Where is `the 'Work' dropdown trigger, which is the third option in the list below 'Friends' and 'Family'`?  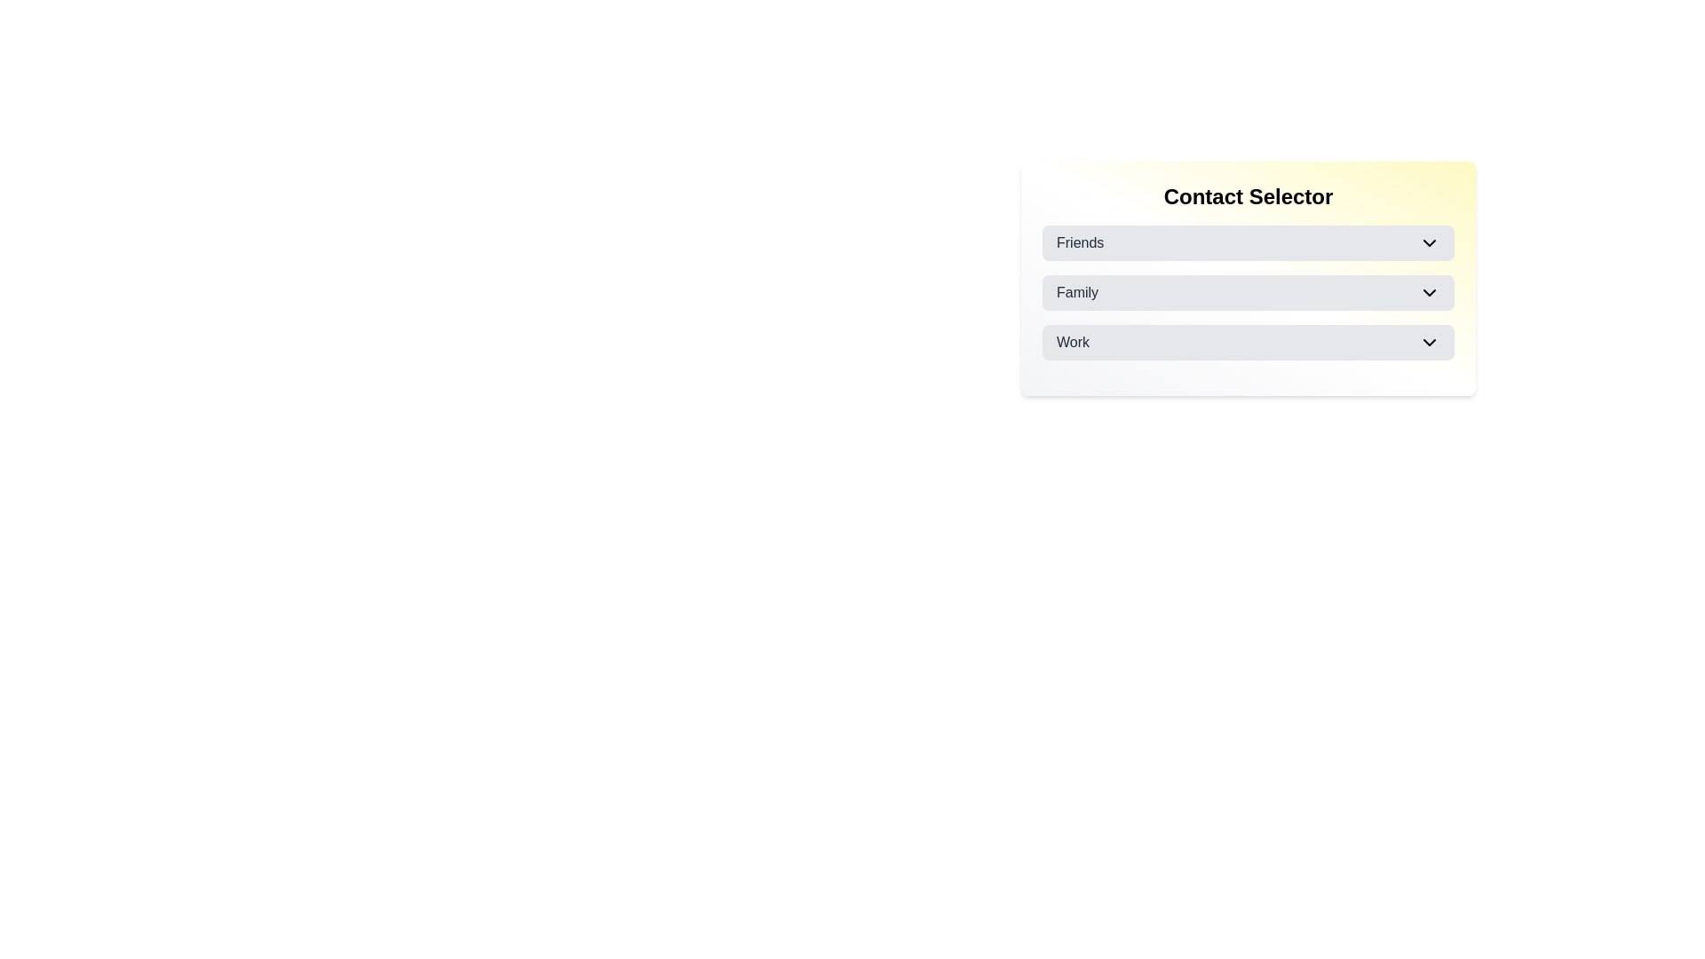
the 'Work' dropdown trigger, which is the third option in the list below 'Friends' and 'Family' is located at coordinates (1248, 342).